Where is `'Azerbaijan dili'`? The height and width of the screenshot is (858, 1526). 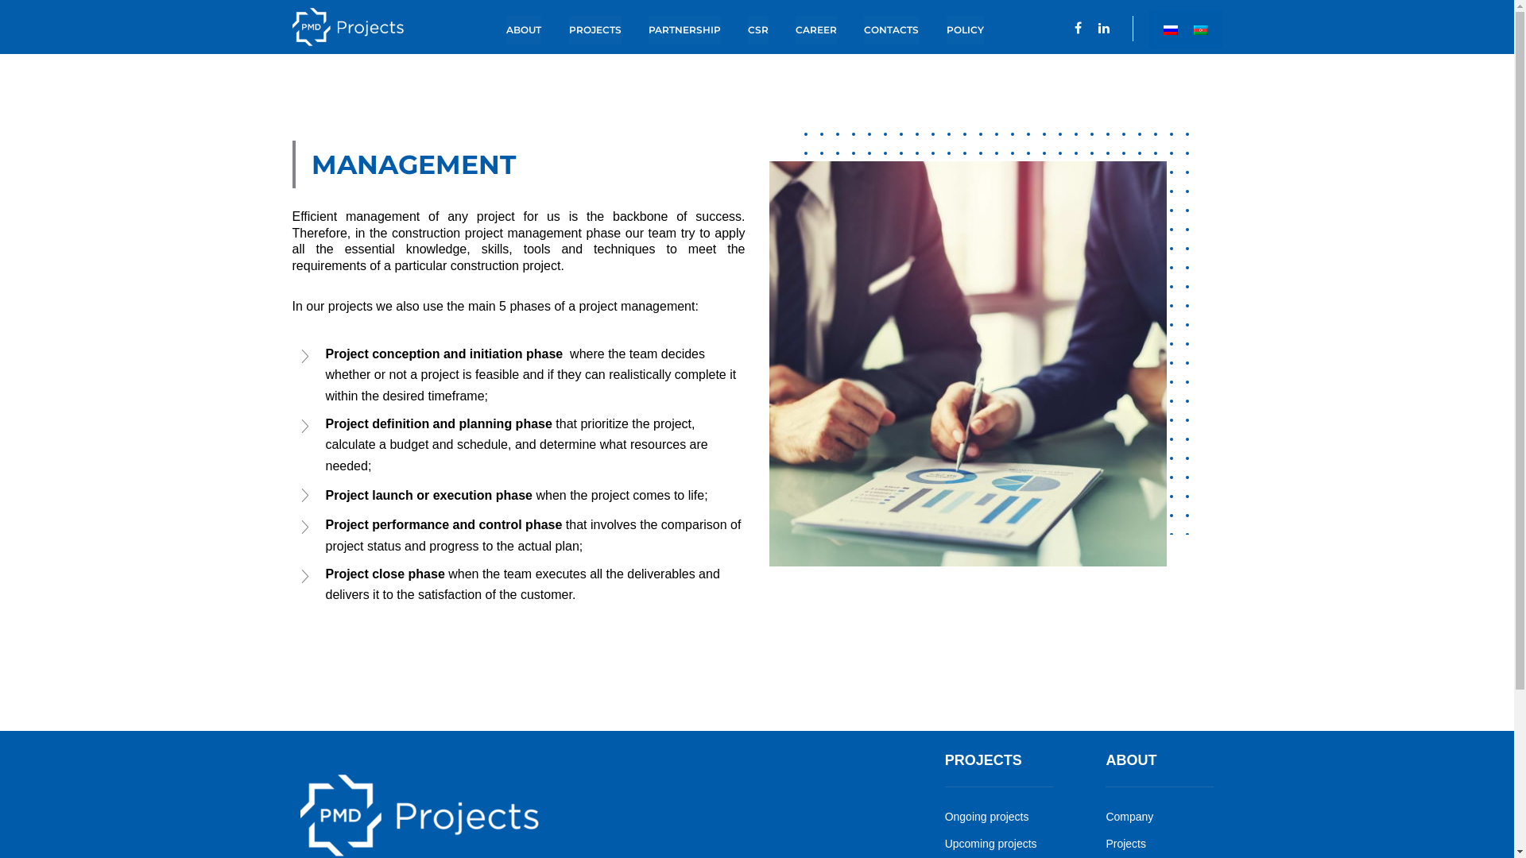
'Azerbaijan dili' is located at coordinates (1201, 30).